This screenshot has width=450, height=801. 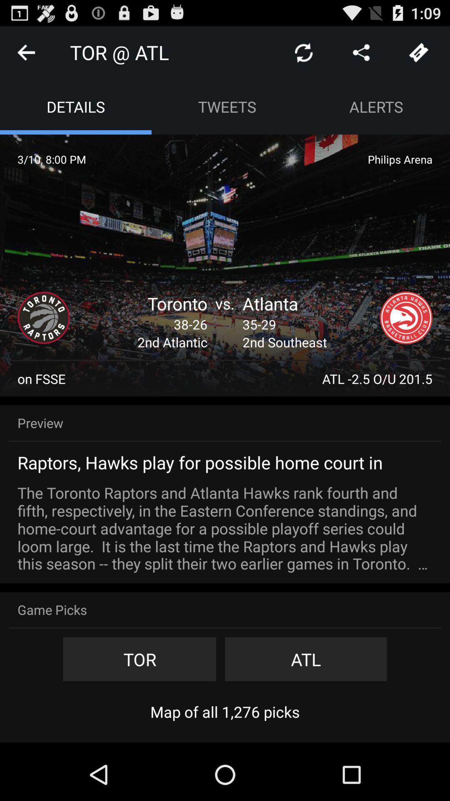 What do you see at coordinates (406, 317) in the screenshot?
I see `team news` at bounding box center [406, 317].